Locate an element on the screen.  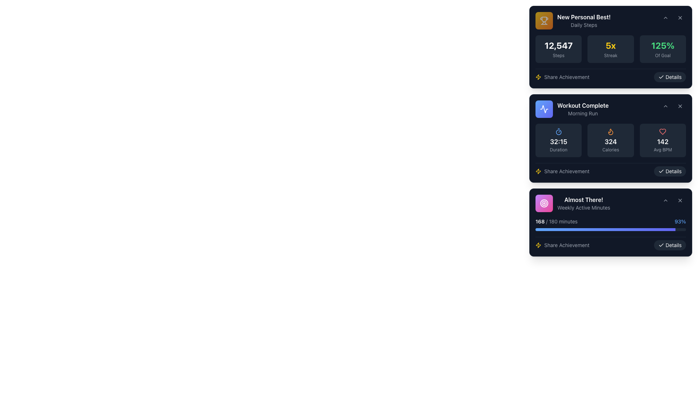
the 'Details' button with a dark background and rounded corners located in the lower-right corner of the second card is located at coordinates (669, 171).